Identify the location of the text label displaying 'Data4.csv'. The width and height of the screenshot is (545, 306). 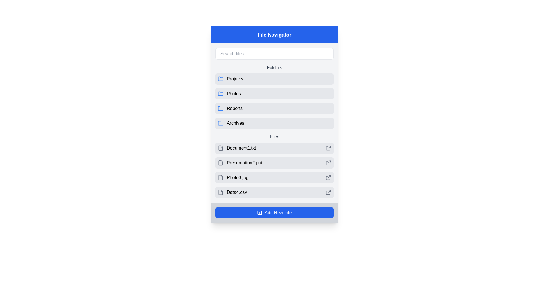
(237, 192).